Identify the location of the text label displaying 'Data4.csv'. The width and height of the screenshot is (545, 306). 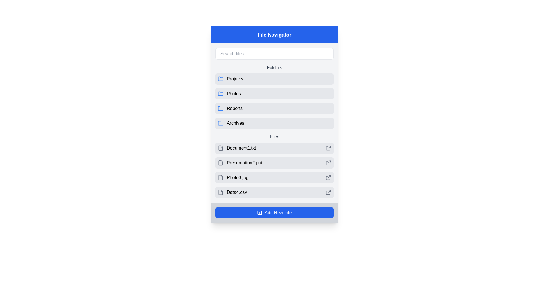
(237, 192).